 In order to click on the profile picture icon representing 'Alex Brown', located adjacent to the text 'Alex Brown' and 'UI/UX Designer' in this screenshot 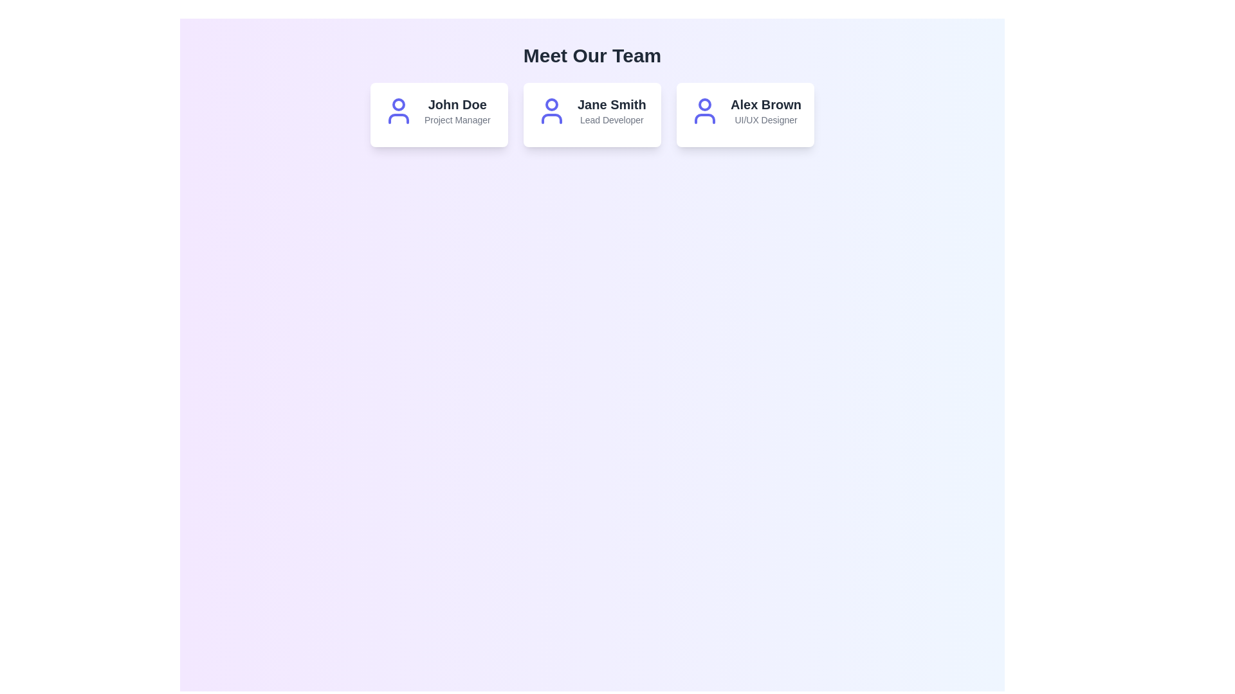, I will do `click(704, 111)`.